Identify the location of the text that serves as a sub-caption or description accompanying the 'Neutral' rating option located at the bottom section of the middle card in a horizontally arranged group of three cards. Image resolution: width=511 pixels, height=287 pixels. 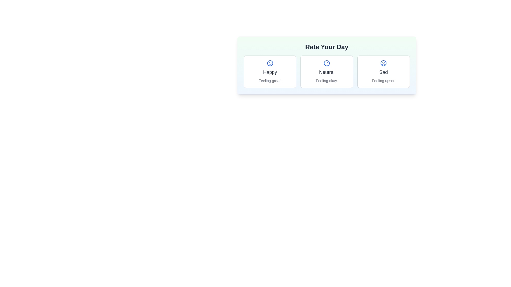
(327, 81).